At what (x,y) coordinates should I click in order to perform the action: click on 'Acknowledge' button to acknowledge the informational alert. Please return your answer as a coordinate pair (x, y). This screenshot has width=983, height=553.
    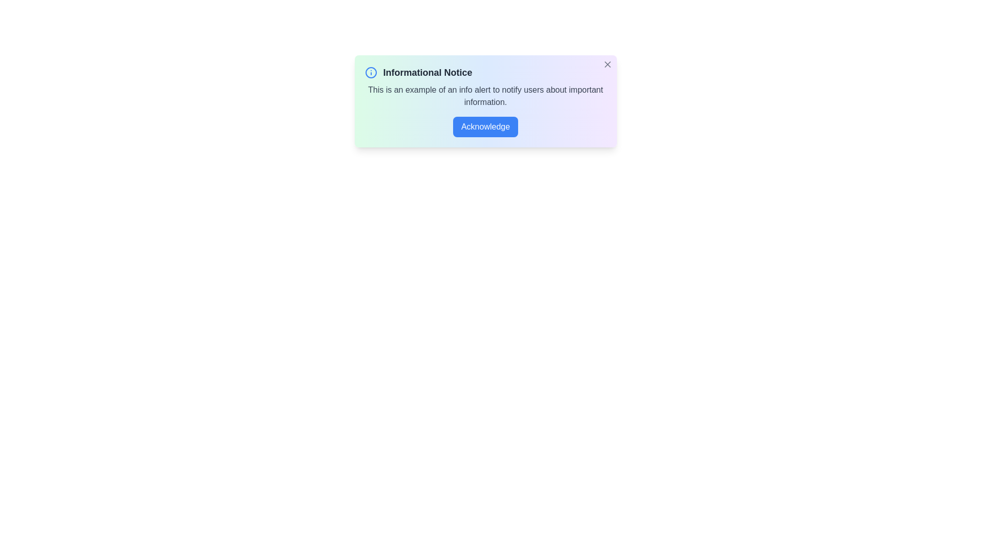
    Looking at the image, I should click on (485, 126).